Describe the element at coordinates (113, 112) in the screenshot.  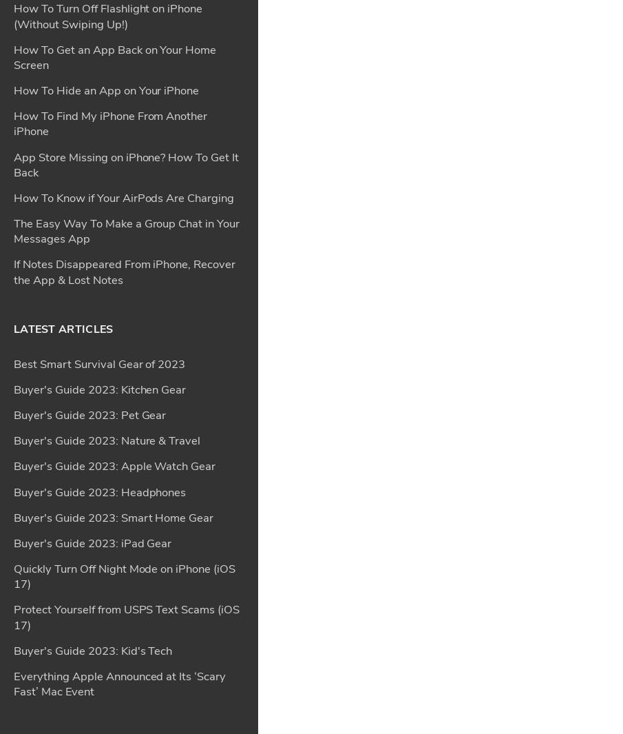
I see `'Buyer's Guide 2023: Smart Home Gear'` at that location.